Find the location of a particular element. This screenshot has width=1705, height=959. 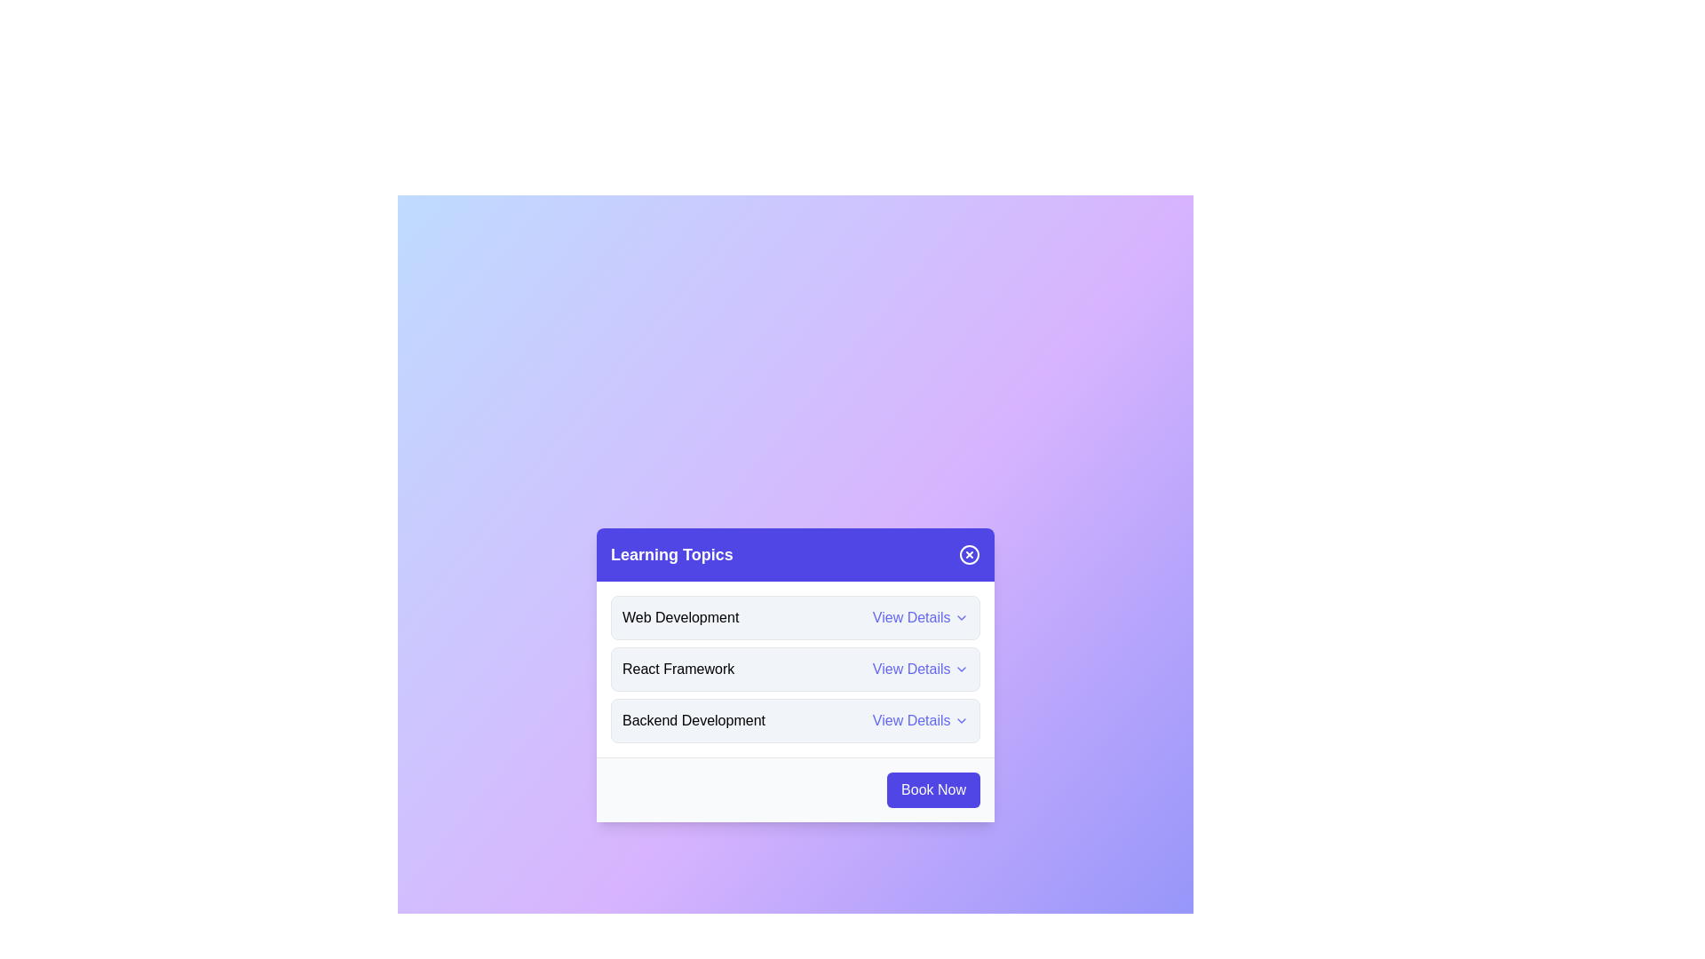

the 'View Details' button for Backend Development is located at coordinates (920, 720).